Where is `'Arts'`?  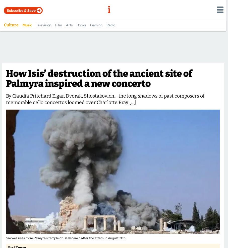 'Arts' is located at coordinates (69, 25).